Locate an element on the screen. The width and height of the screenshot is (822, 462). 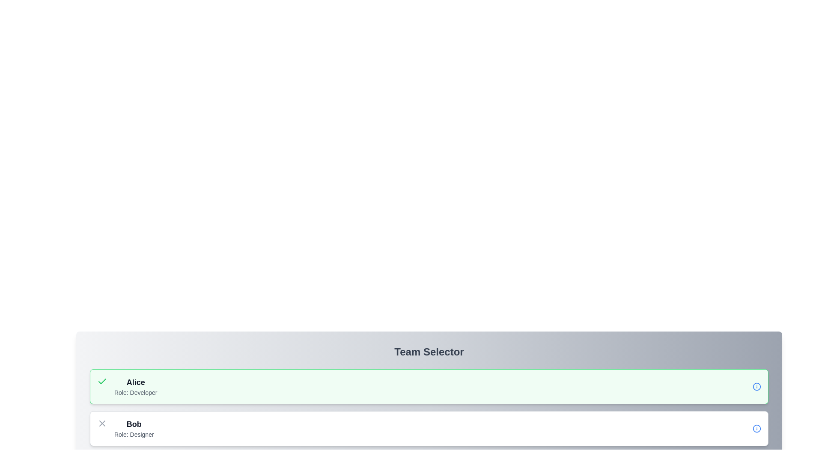
the status of the green checkmark icon located to the left of the text 'Alice' within the first user card is located at coordinates (102, 381).